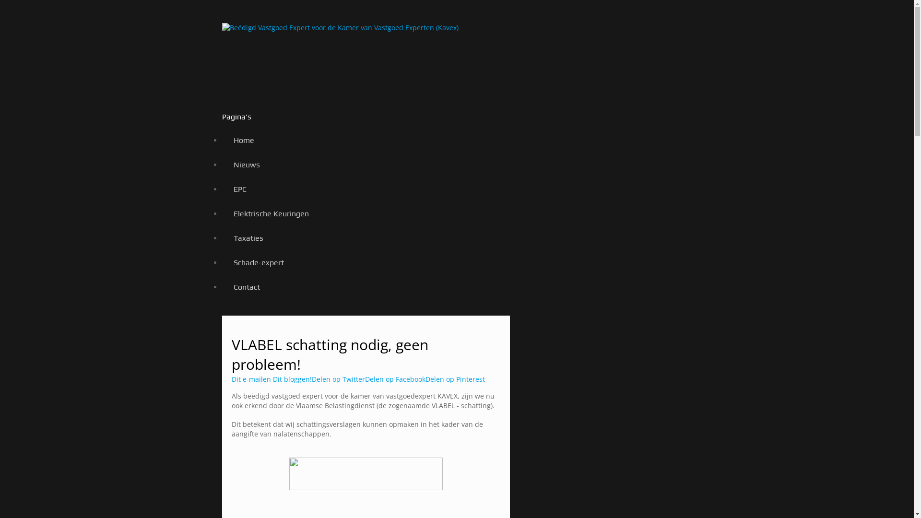 The width and height of the screenshot is (921, 518). Describe the element at coordinates (364, 378) in the screenshot. I see `'Delen op Facebook'` at that location.